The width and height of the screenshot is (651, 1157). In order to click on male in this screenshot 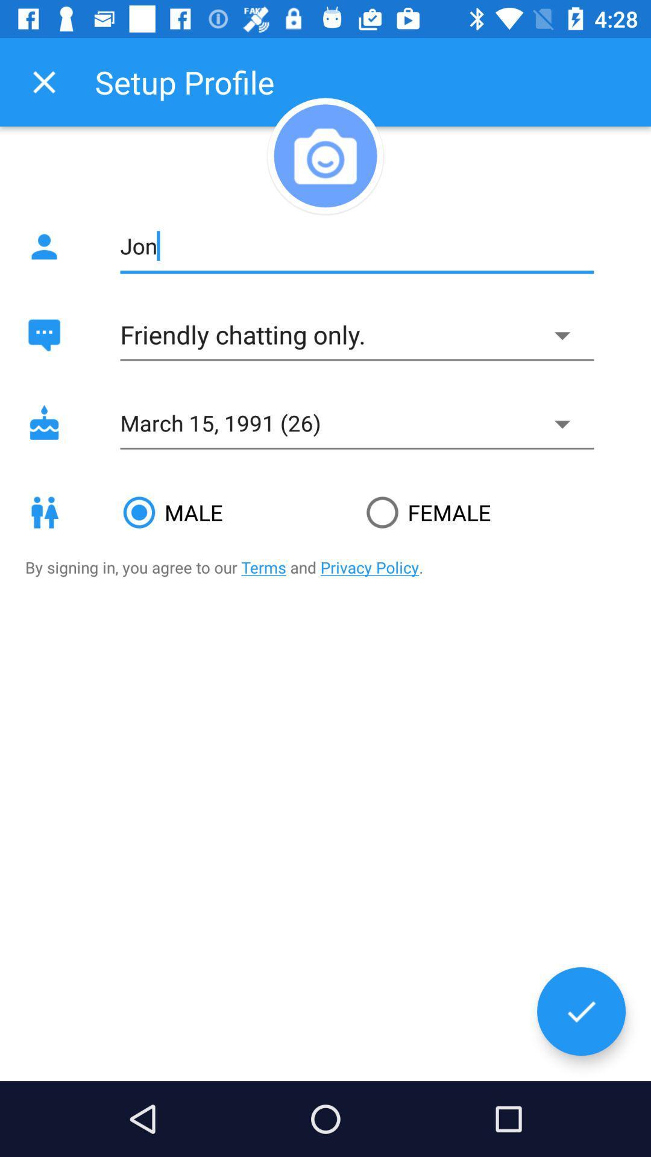, I will do `click(235, 512)`.